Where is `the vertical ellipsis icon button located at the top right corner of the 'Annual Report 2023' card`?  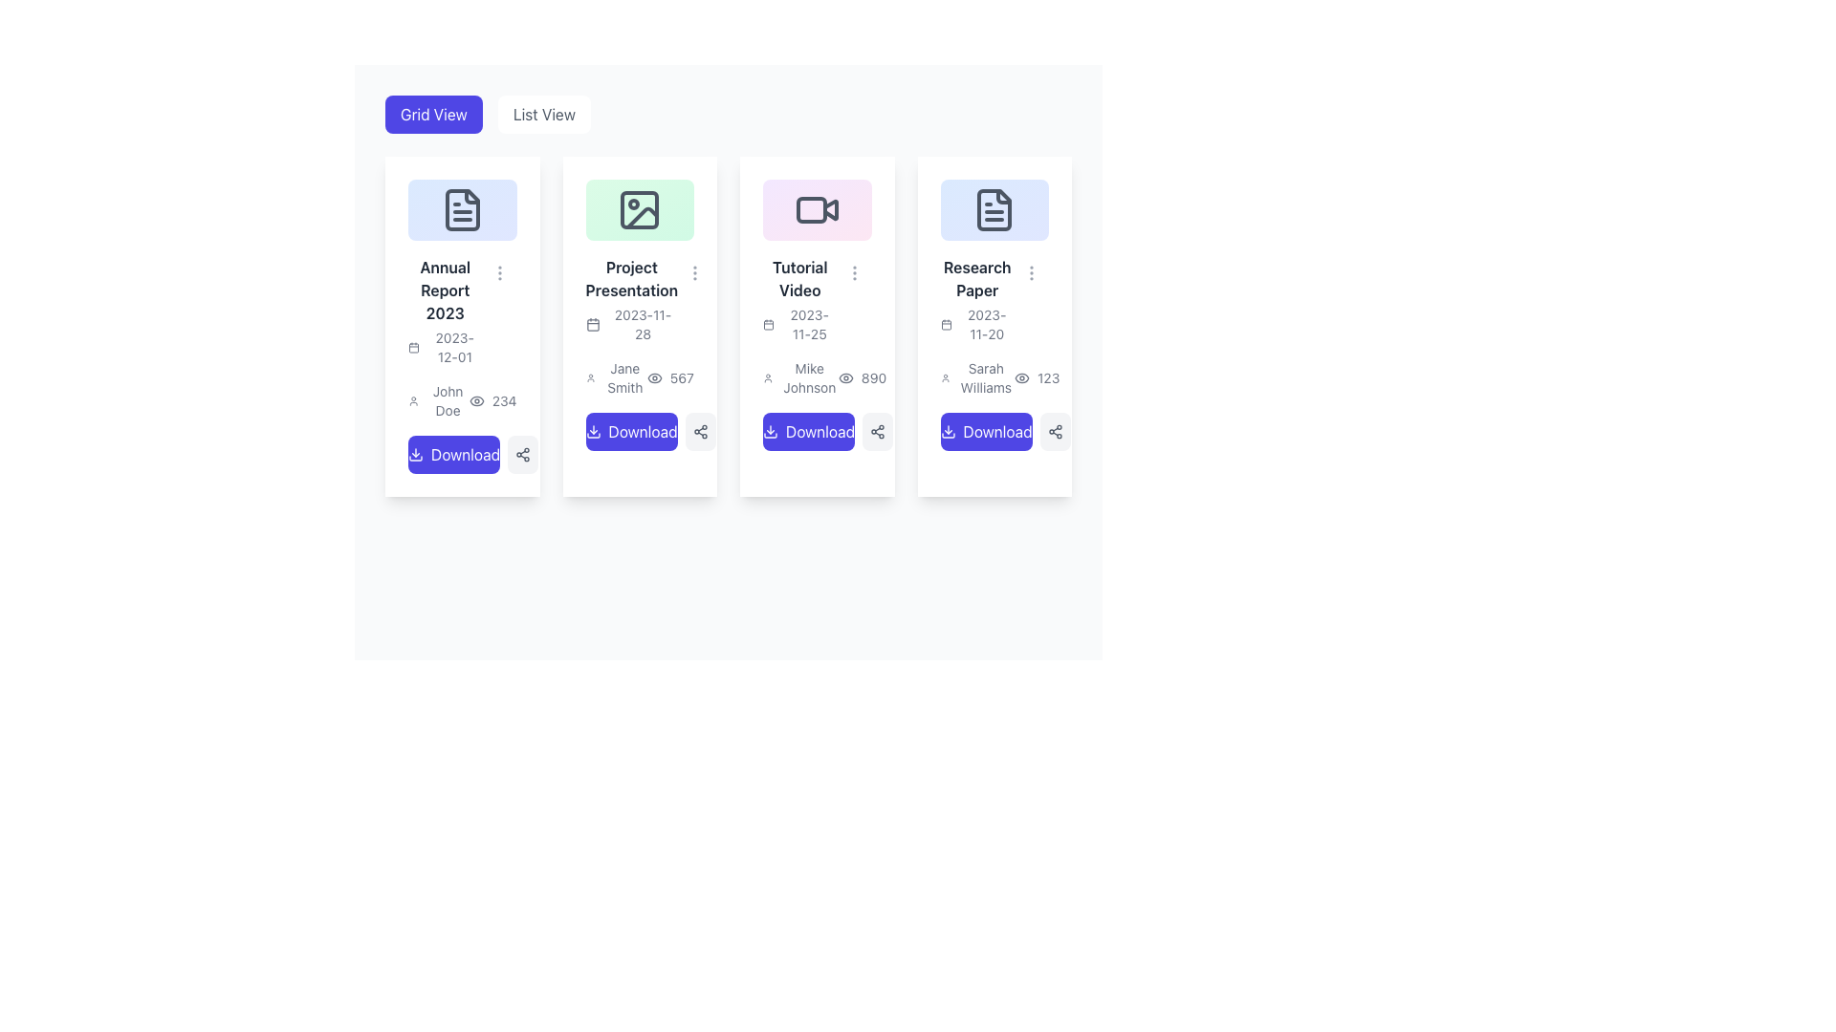 the vertical ellipsis icon button located at the top right corner of the 'Annual Report 2023' card is located at coordinates (499, 272).